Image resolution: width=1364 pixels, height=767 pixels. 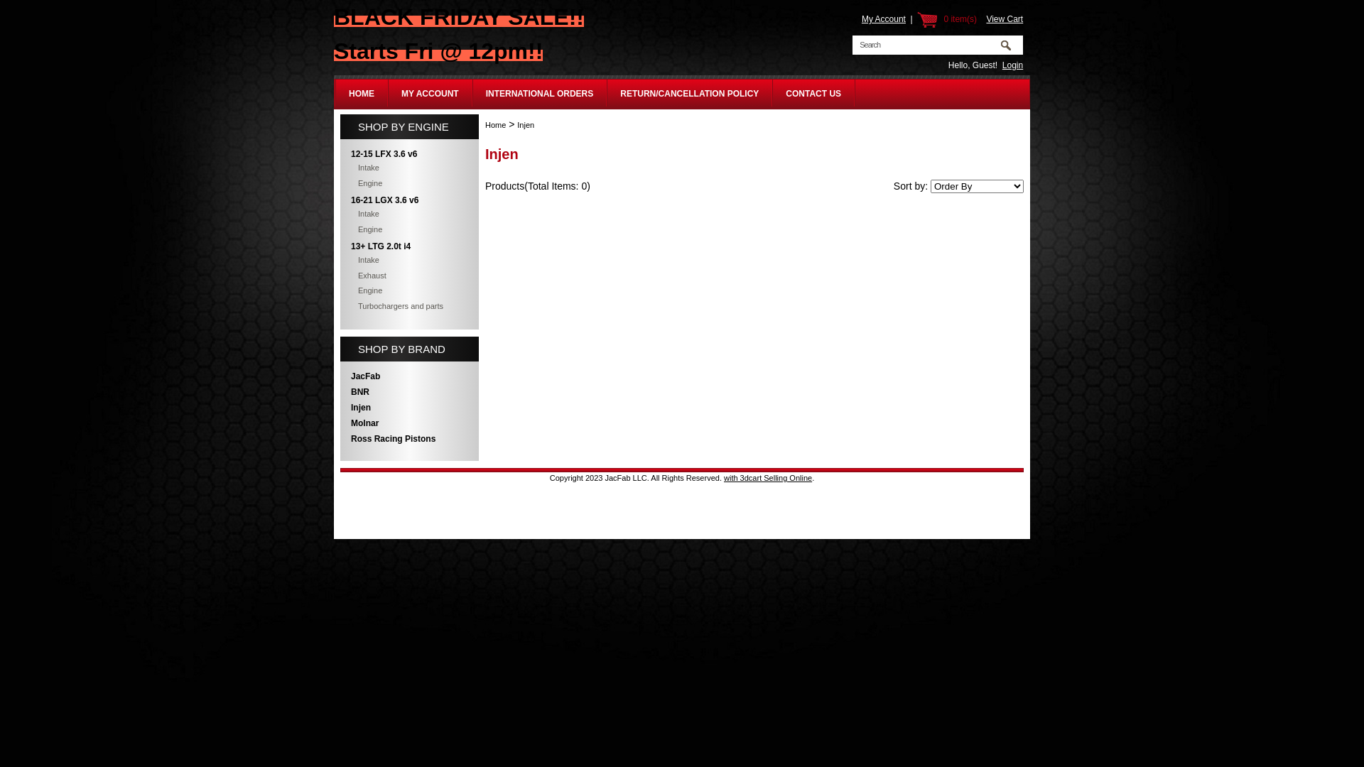 What do you see at coordinates (1012, 65) in the screenshot?
I see `'Login'` at bounding box center [1012, 65].